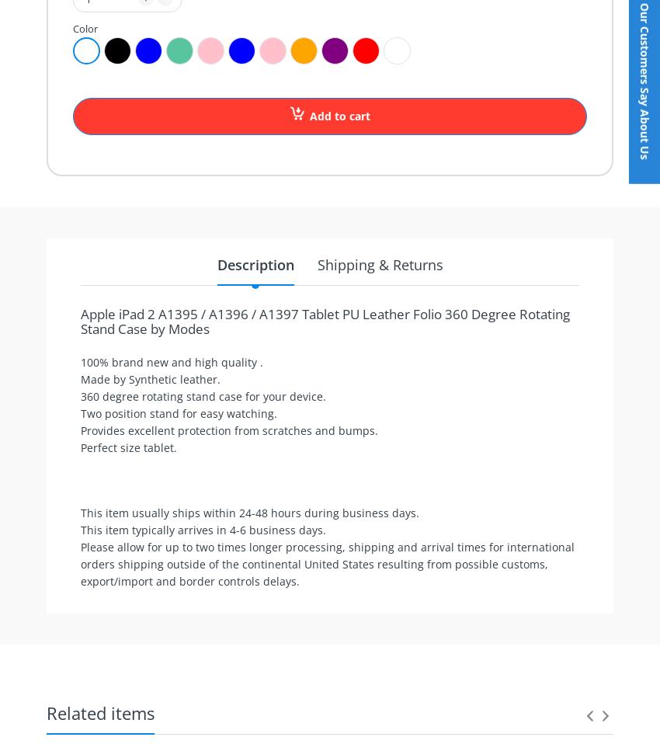 The image size is (660, 744). What do you see at coordinates (79, 447) in the screenshot?
I see `'Perfect size tablet.'` at bounding box center [79, 447].